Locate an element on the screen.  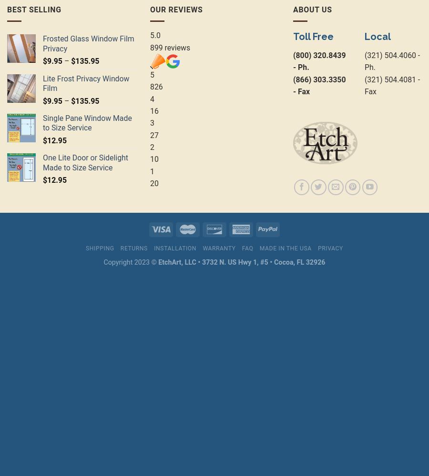
'Single Pane Window Made to Size Service' is located at coordinates (42, 123).